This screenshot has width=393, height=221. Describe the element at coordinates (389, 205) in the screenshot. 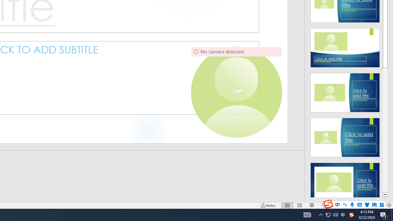

I see `'Zoom to Fit '` at that location.